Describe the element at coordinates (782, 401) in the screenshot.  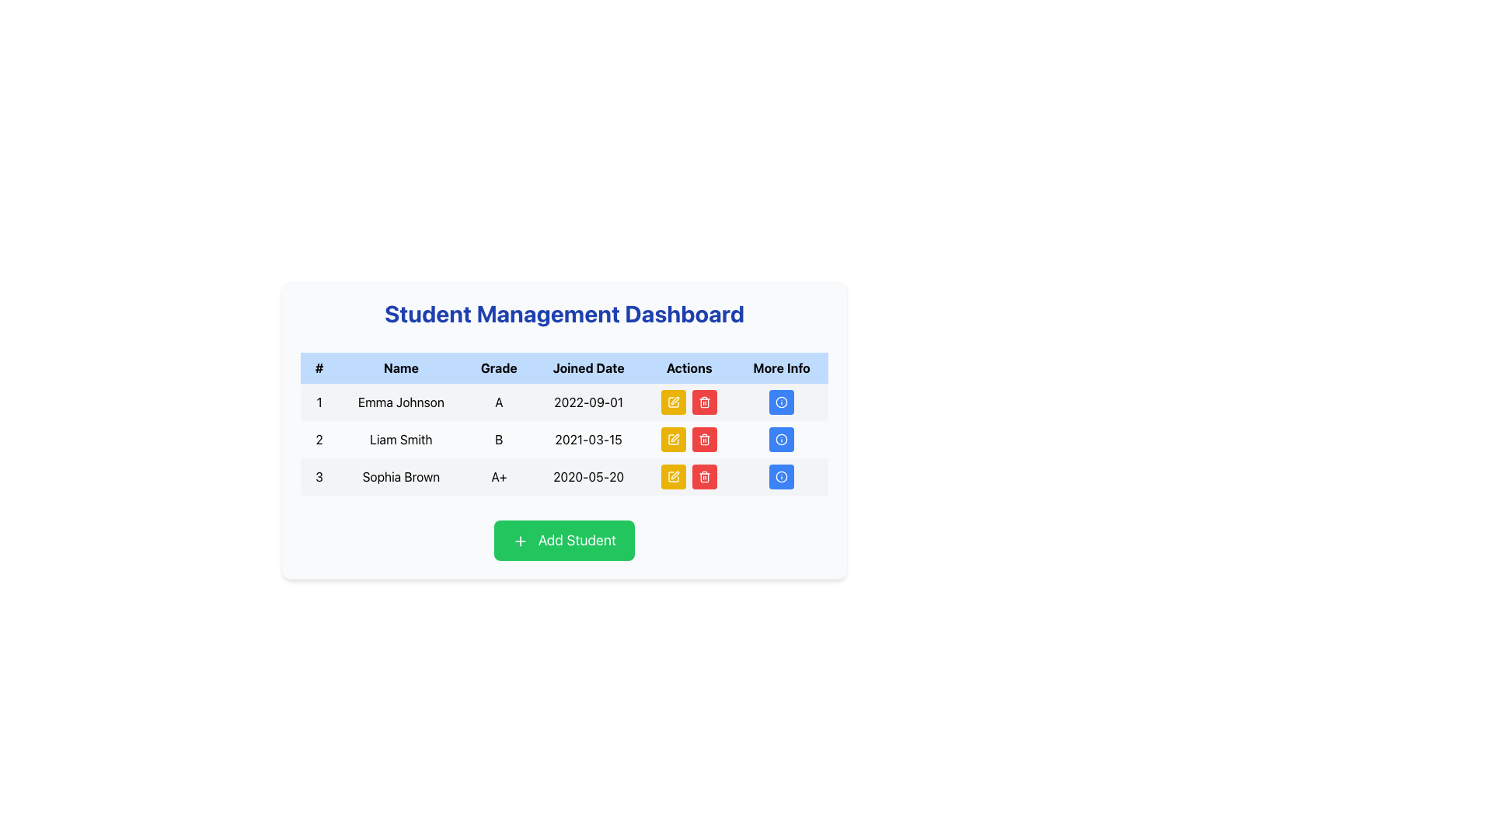
I see `the circular blue button with a white outline and information icon in the 'More Info' column of the first row in the student data table` at that location.